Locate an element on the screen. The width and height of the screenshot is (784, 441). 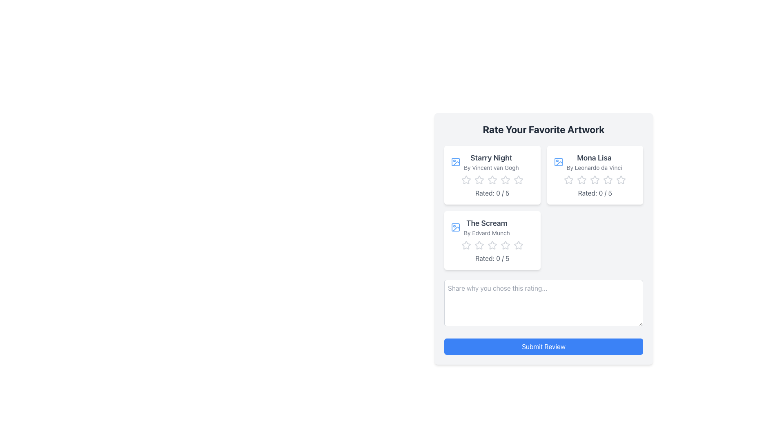
the fourth unselected star icon is located at coordinates (505, 245).